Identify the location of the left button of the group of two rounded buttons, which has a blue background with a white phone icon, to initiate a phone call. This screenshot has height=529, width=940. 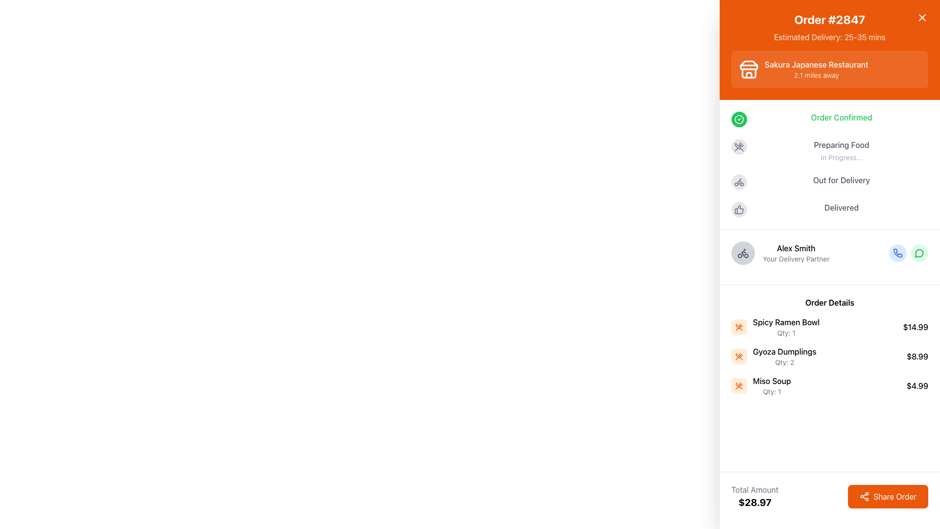
(908, 252).